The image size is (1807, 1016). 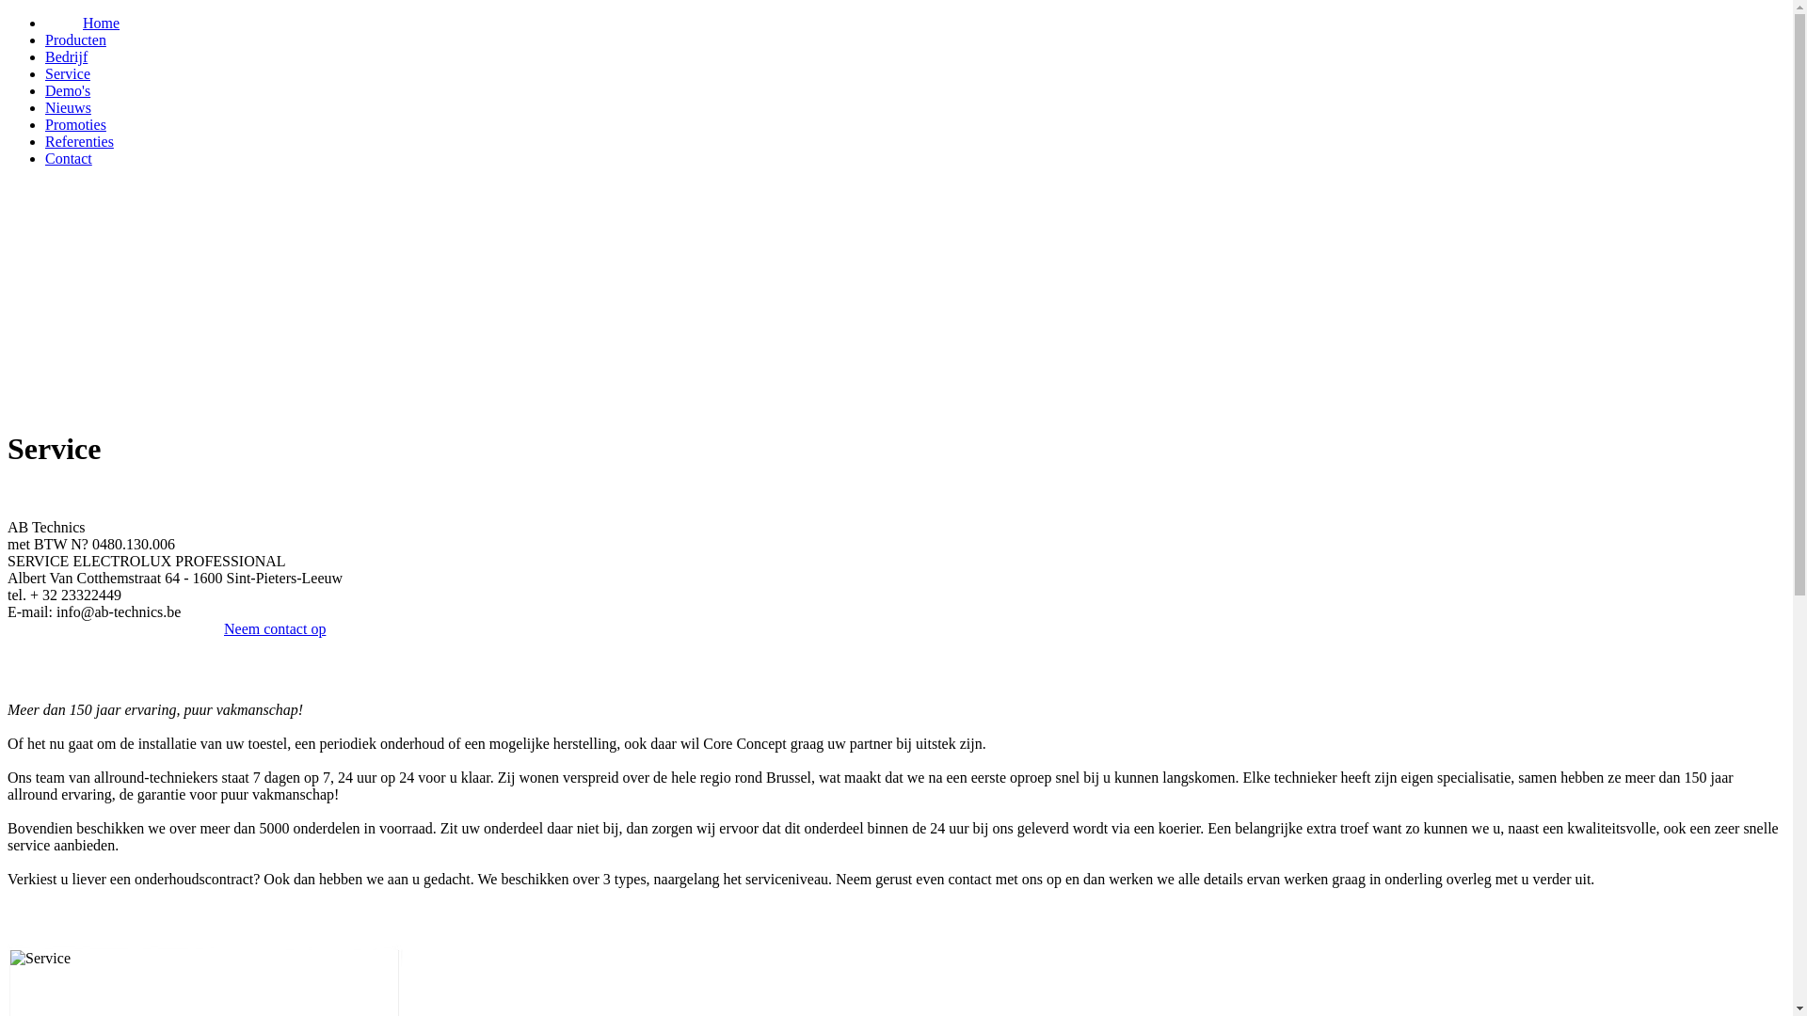 What do you see at coordinates (75, 124) in the screenshot?
I see `'Promoties'` at bounding box center [75, 124].